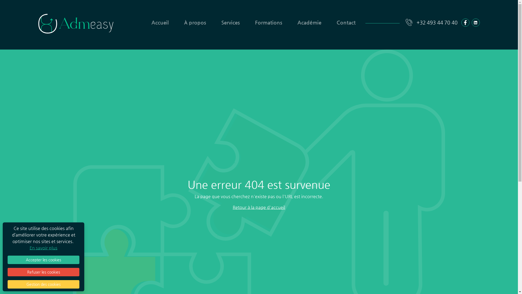 This screenshot has height=294, width=522. Describe the element at coordinates (43, 259) in the screenshot. I see `'Accepter les cookies'` at that location.